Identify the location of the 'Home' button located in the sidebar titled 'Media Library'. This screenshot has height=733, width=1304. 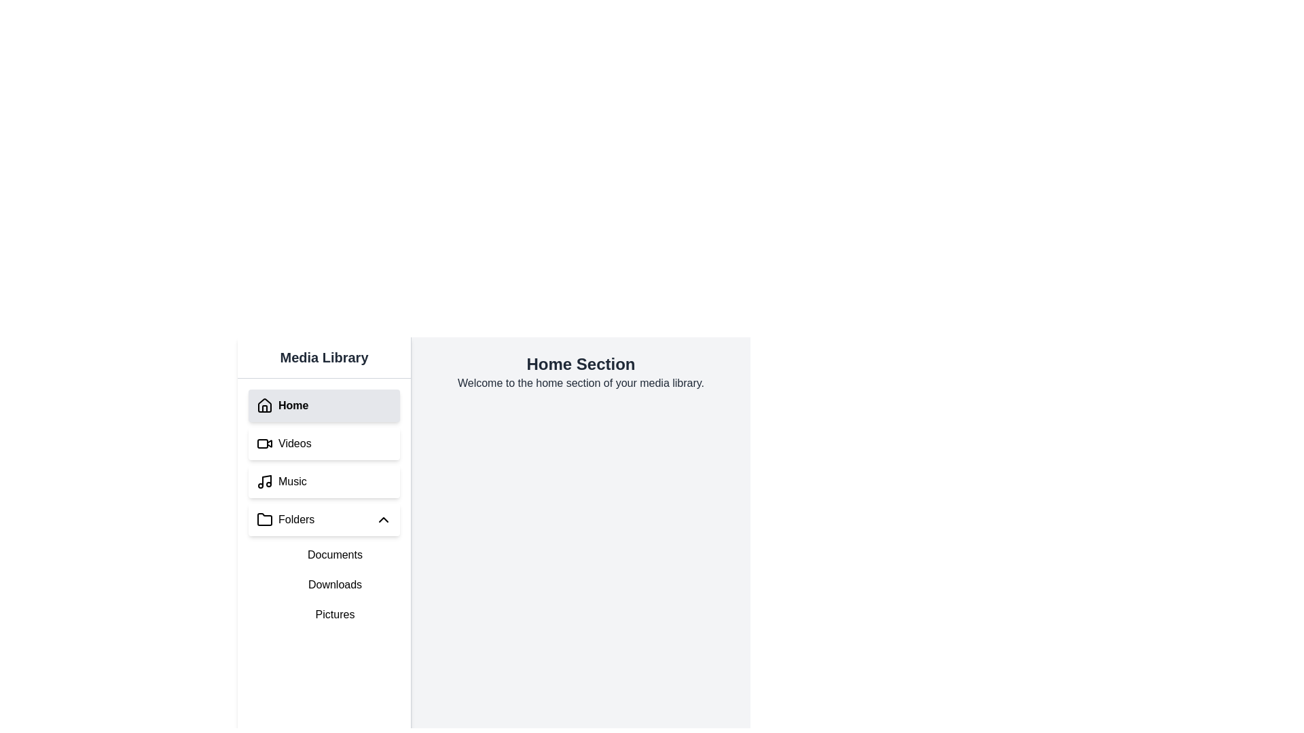
(323, 405).